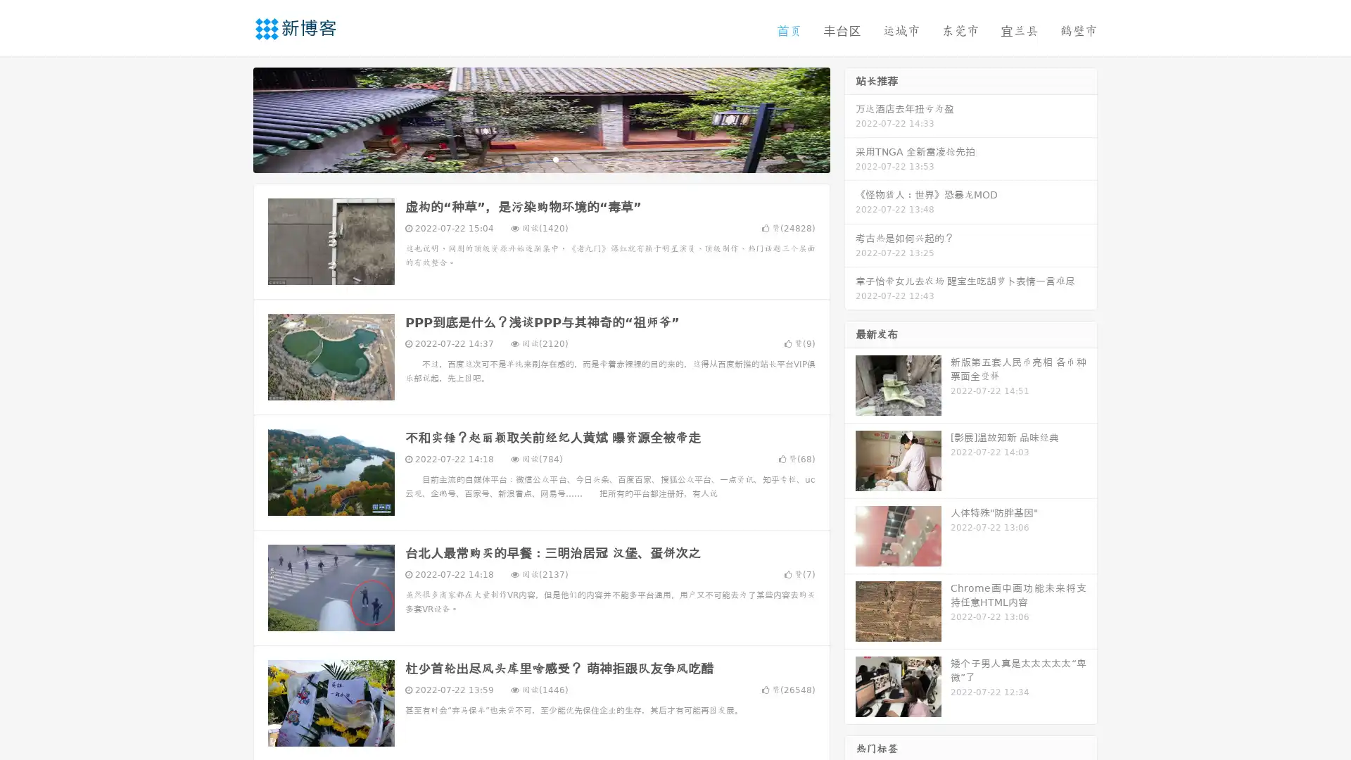  I want to click on Go to slide 2, so click(540, 158).